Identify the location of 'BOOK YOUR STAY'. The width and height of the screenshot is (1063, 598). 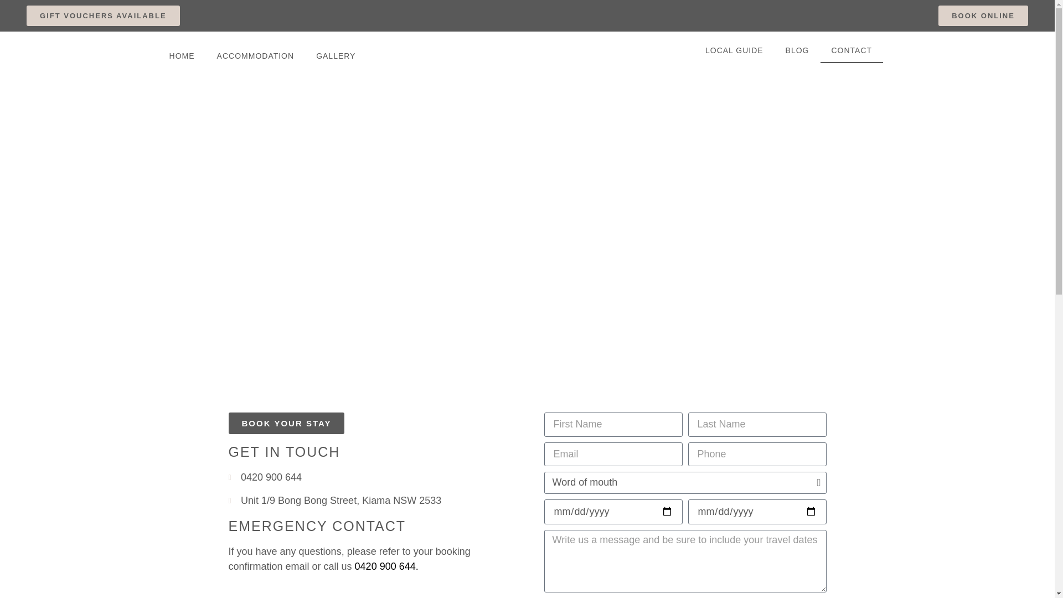
(286, 423).